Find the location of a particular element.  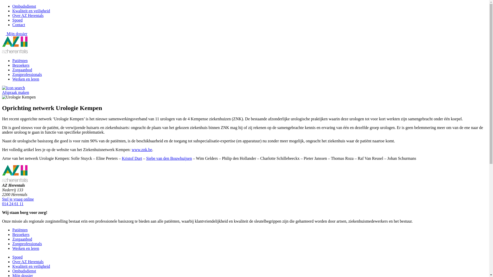

'Zorgprofessionals' is located at coordinates (27, 243).